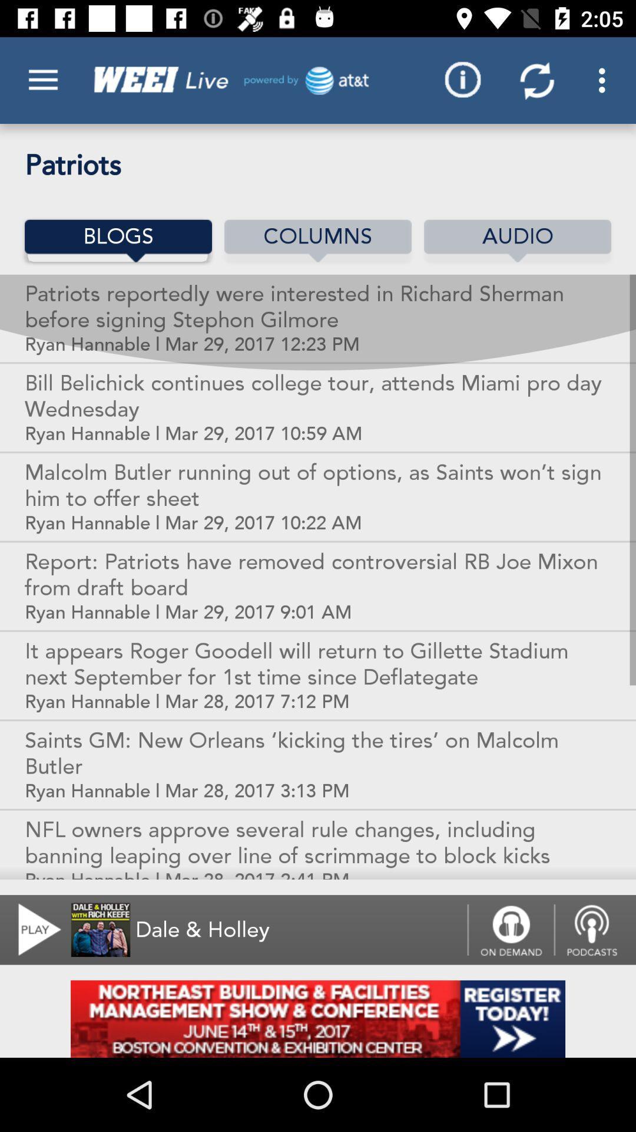  What do you see at coordinates (605, 80) in the screenshot?
I see `the last 3 dots button` at bounding box center [605, 80].